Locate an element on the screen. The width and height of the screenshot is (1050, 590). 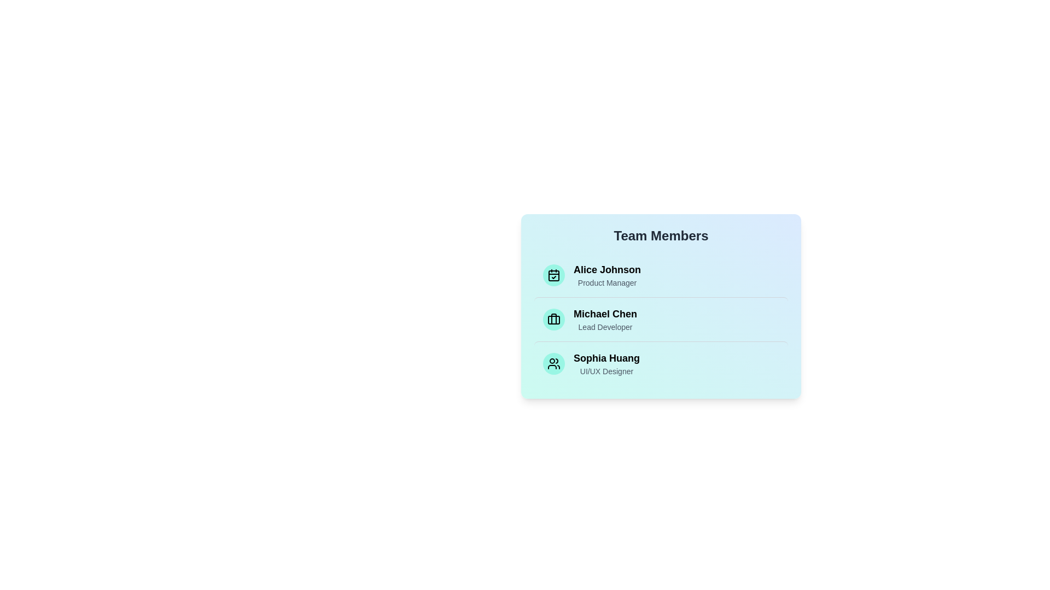
the team member Alice Johnson to view their details is located at coordinates (661, 275).